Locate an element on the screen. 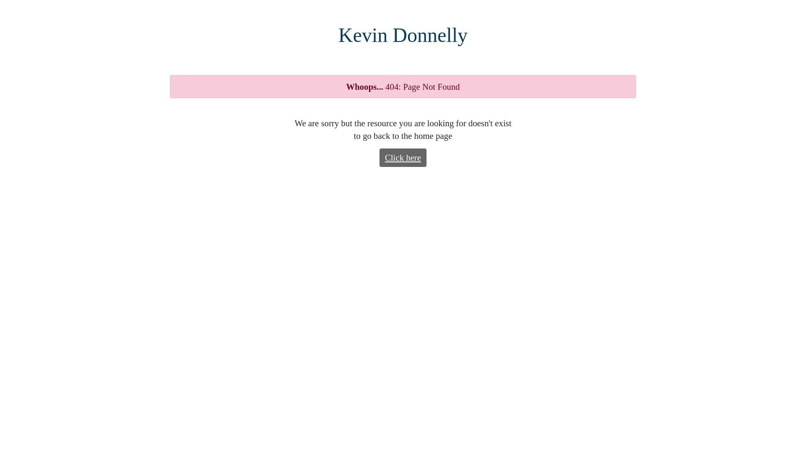  'Click here' is located at coordinates (379, 157).